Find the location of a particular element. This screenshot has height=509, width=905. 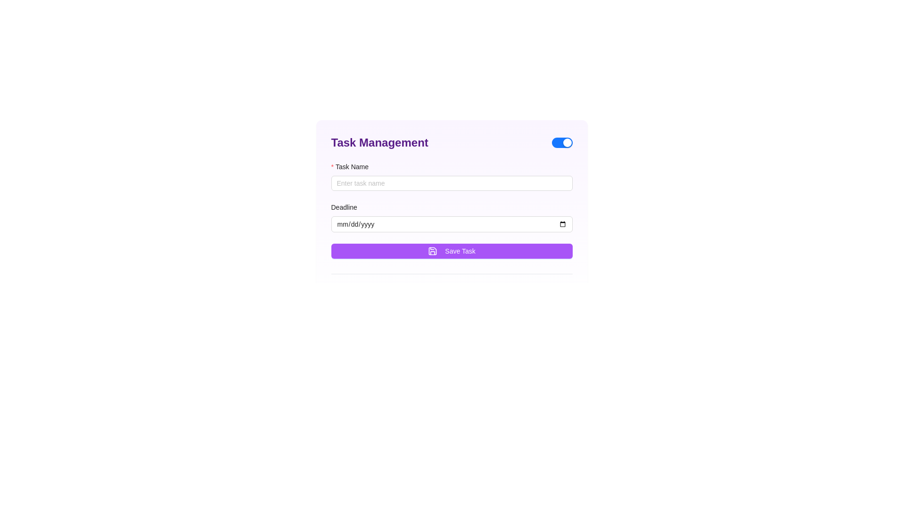

text label 'Save Task' located within the button component at the center of the form, which indicates the purpose of the button for form submission is located at coordinates (460, 250).